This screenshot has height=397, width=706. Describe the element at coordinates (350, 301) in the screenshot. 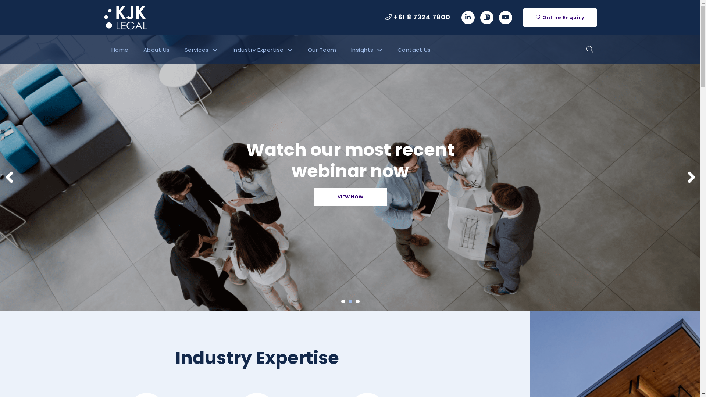

I see `'2'` at that location.